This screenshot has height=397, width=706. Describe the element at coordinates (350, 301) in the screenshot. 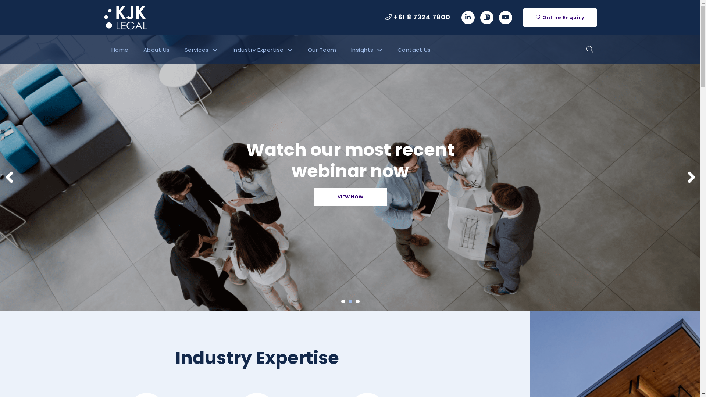

I see `'2'` at that location.